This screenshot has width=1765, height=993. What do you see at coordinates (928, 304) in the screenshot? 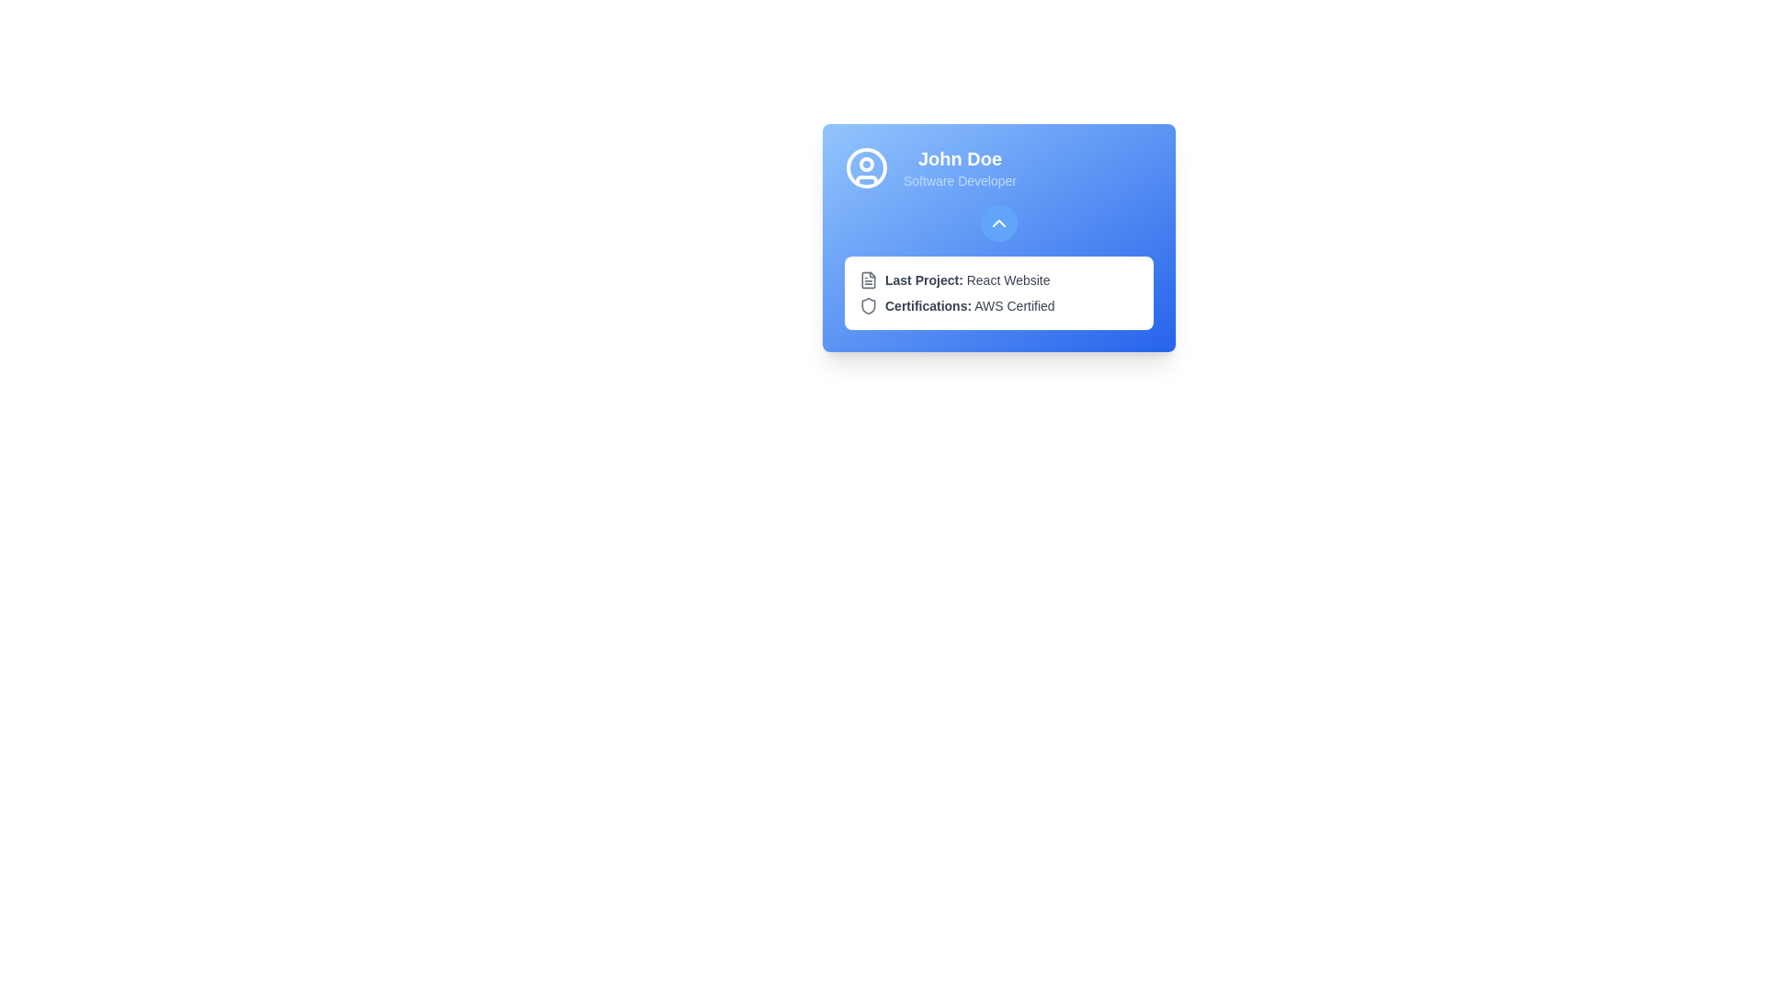
I see `the text label reading 'Certifications:' that is styled in gray and positioned alongside 'AWS Certified'` at bounding box center [928, 304].